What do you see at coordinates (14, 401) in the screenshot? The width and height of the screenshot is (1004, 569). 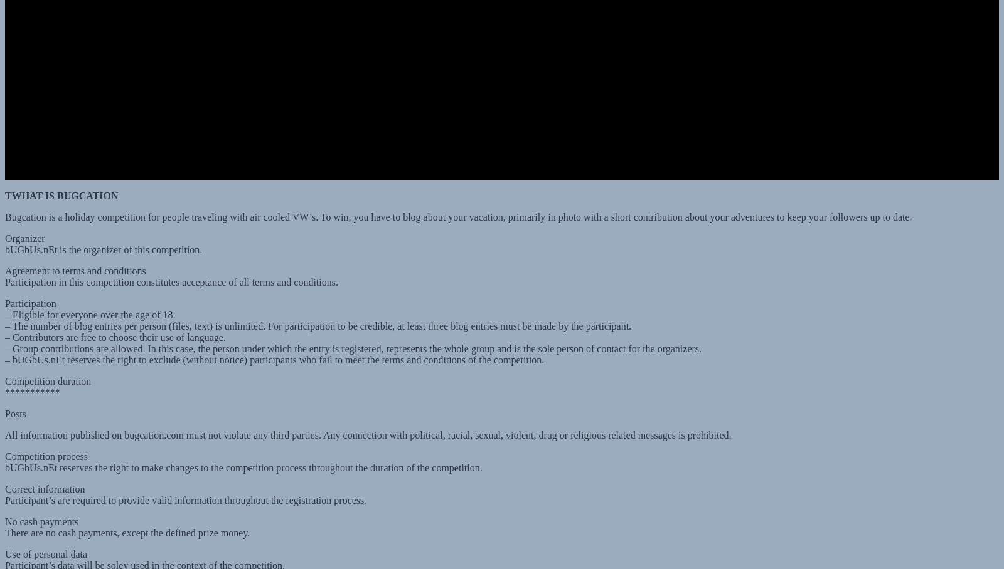 I see `'Posts'` at bounding box center [14, 401].